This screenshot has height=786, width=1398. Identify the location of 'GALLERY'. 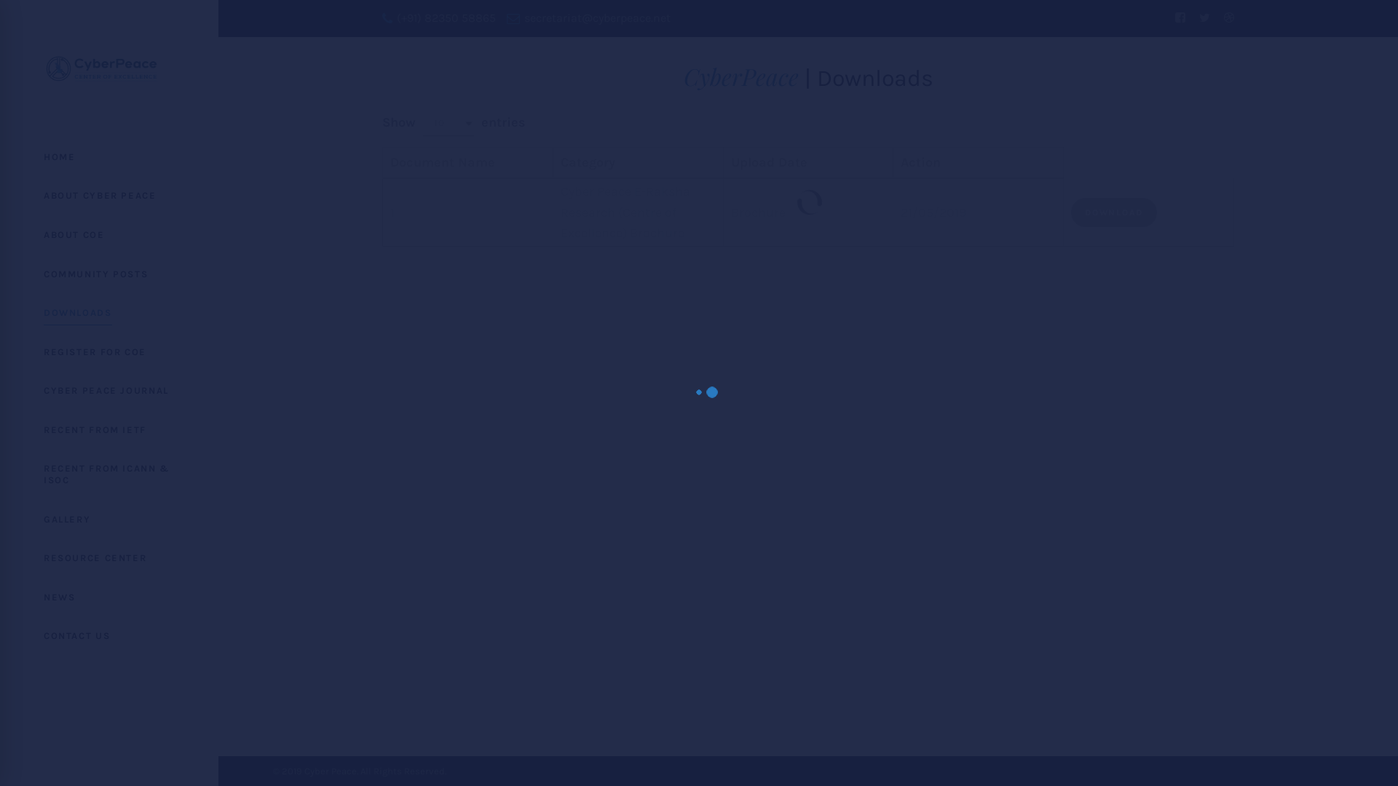
(108, 518).